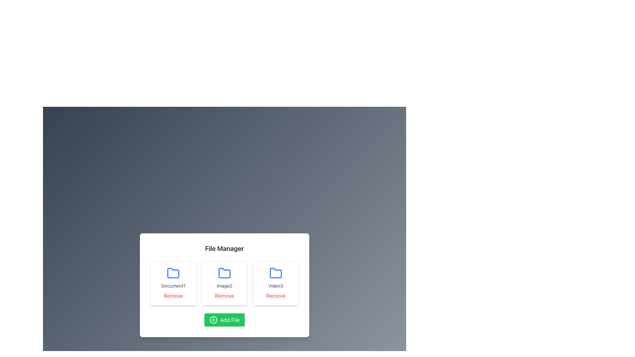 This screenshot has width=635, height=357. I want to click on the button for adding a new file, which is centrally aligned below the labeled folders in the File Manager interface, so click(224, 320).